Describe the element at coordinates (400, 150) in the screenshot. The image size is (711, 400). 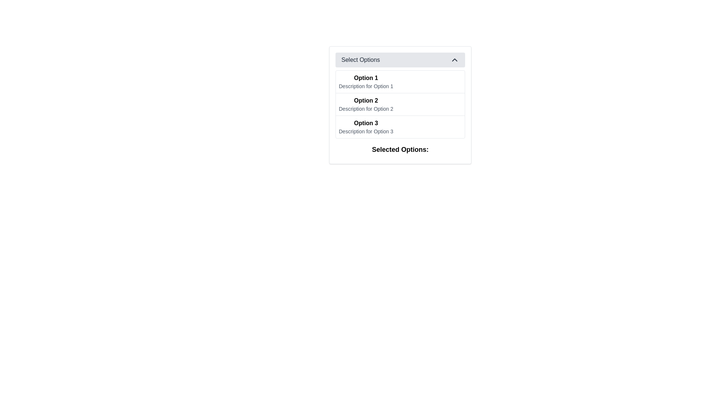
I see `the bold text label stating 'Selected Options:' which is located at the bottom of a bordered white box within the interface` at that location.